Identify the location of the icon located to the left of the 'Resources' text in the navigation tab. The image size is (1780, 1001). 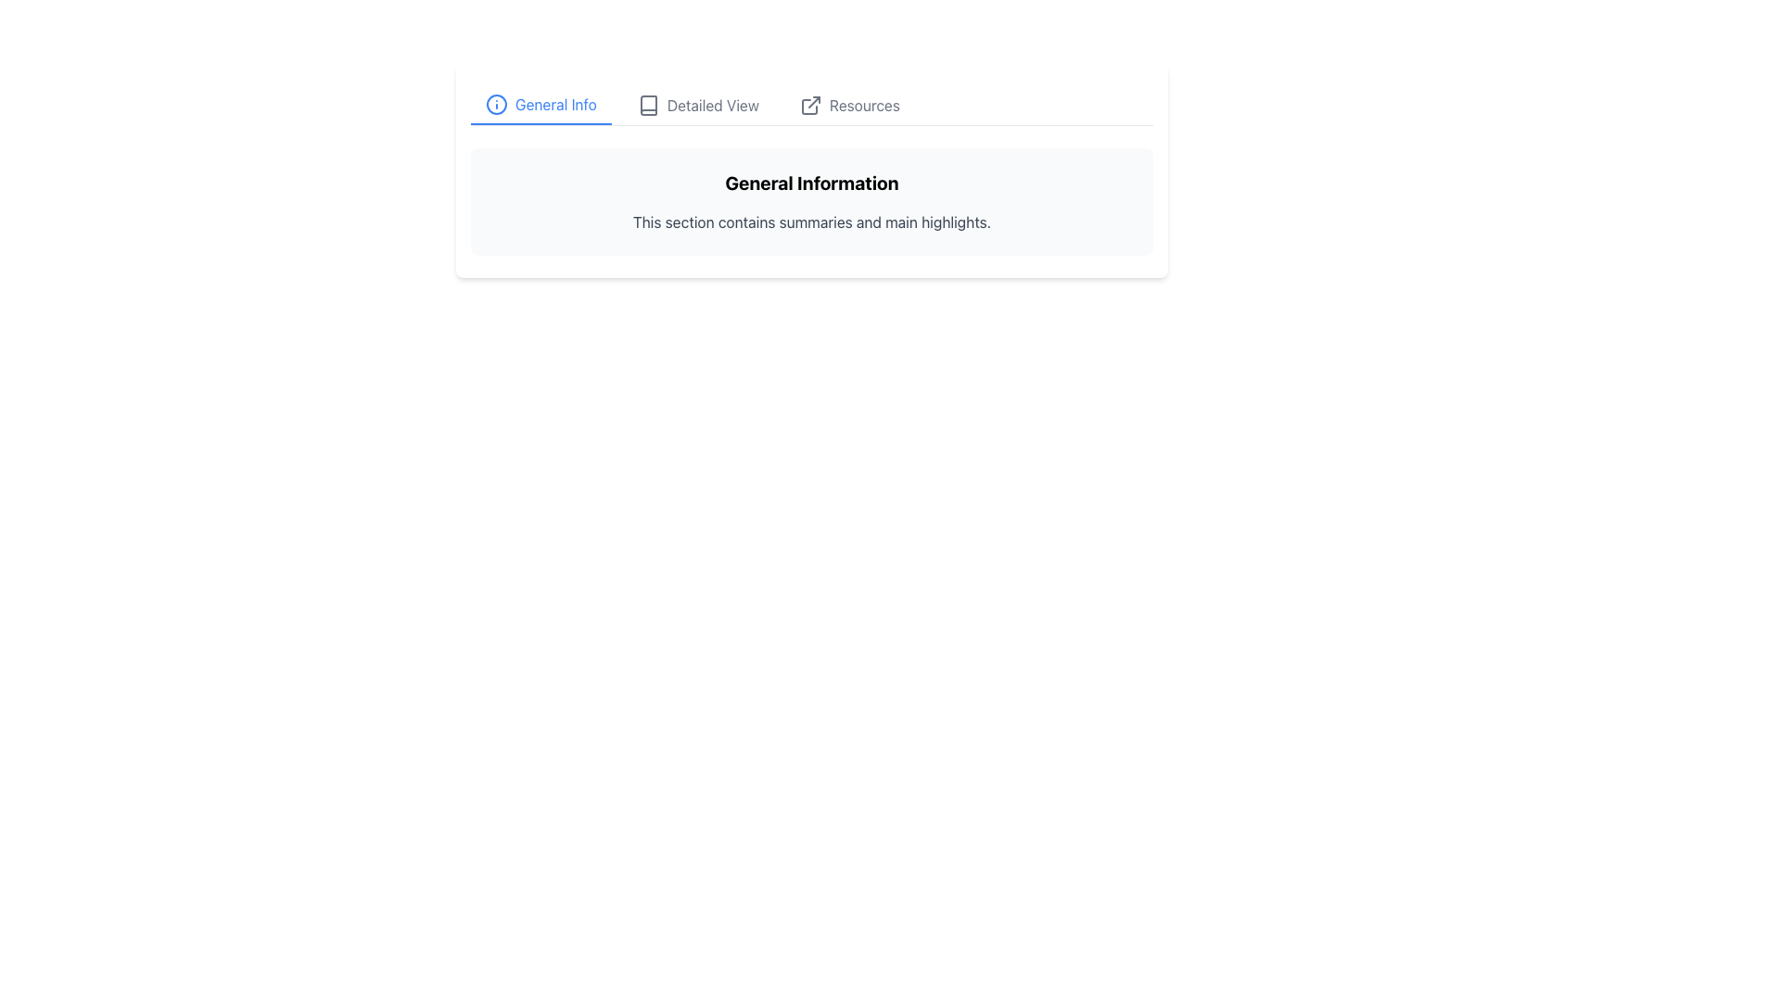
(810, 106).